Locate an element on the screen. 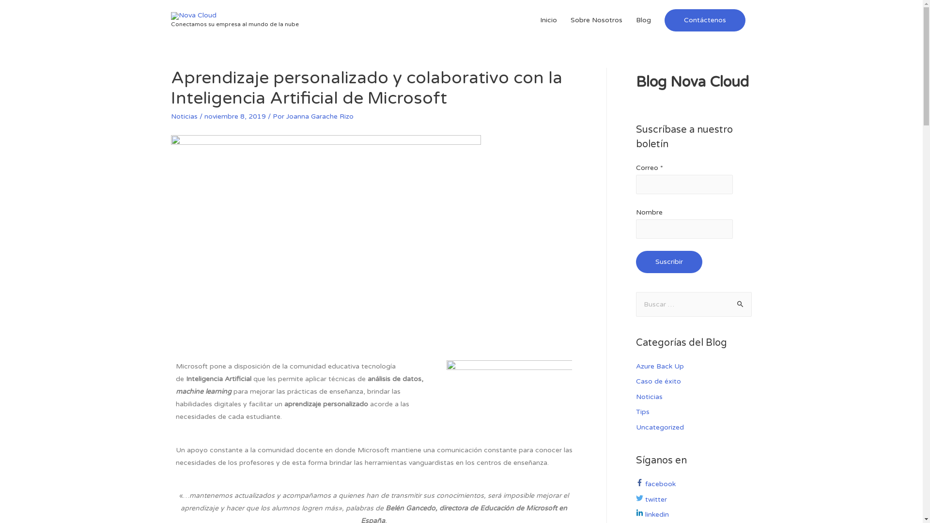 This screenshot has height=523, width=930. 'Sobre Nosotros' is located at coordinates (596, 20).